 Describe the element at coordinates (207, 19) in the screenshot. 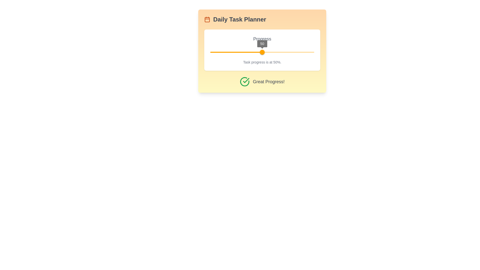

I see `the compact calendar icon with an orange stroke located beside the title 'Daily Task Planner' at the top left corner of the widget` at that location.